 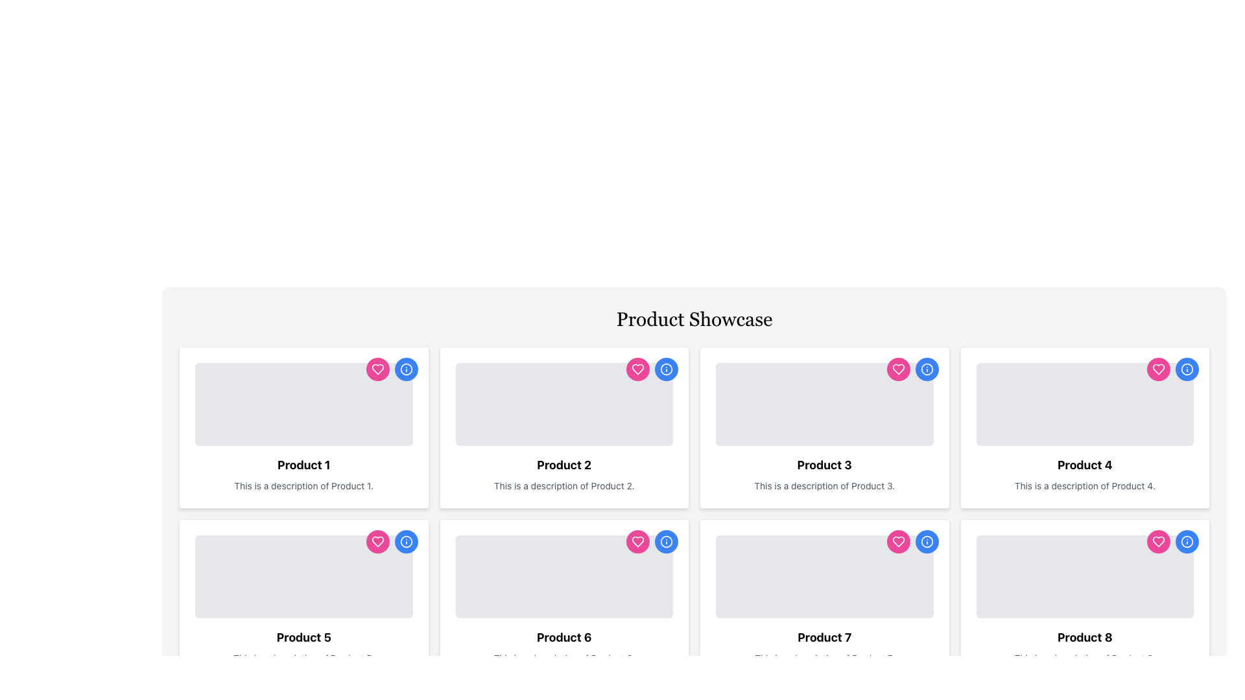 What do you see at coordinates (652, 369) in the screenshot?
I see `the left circular button (pink with heart icon) in the interactive element group at the top-right corner of the 'Product 2' card to like/favorite` at bounding box center [652, 369].